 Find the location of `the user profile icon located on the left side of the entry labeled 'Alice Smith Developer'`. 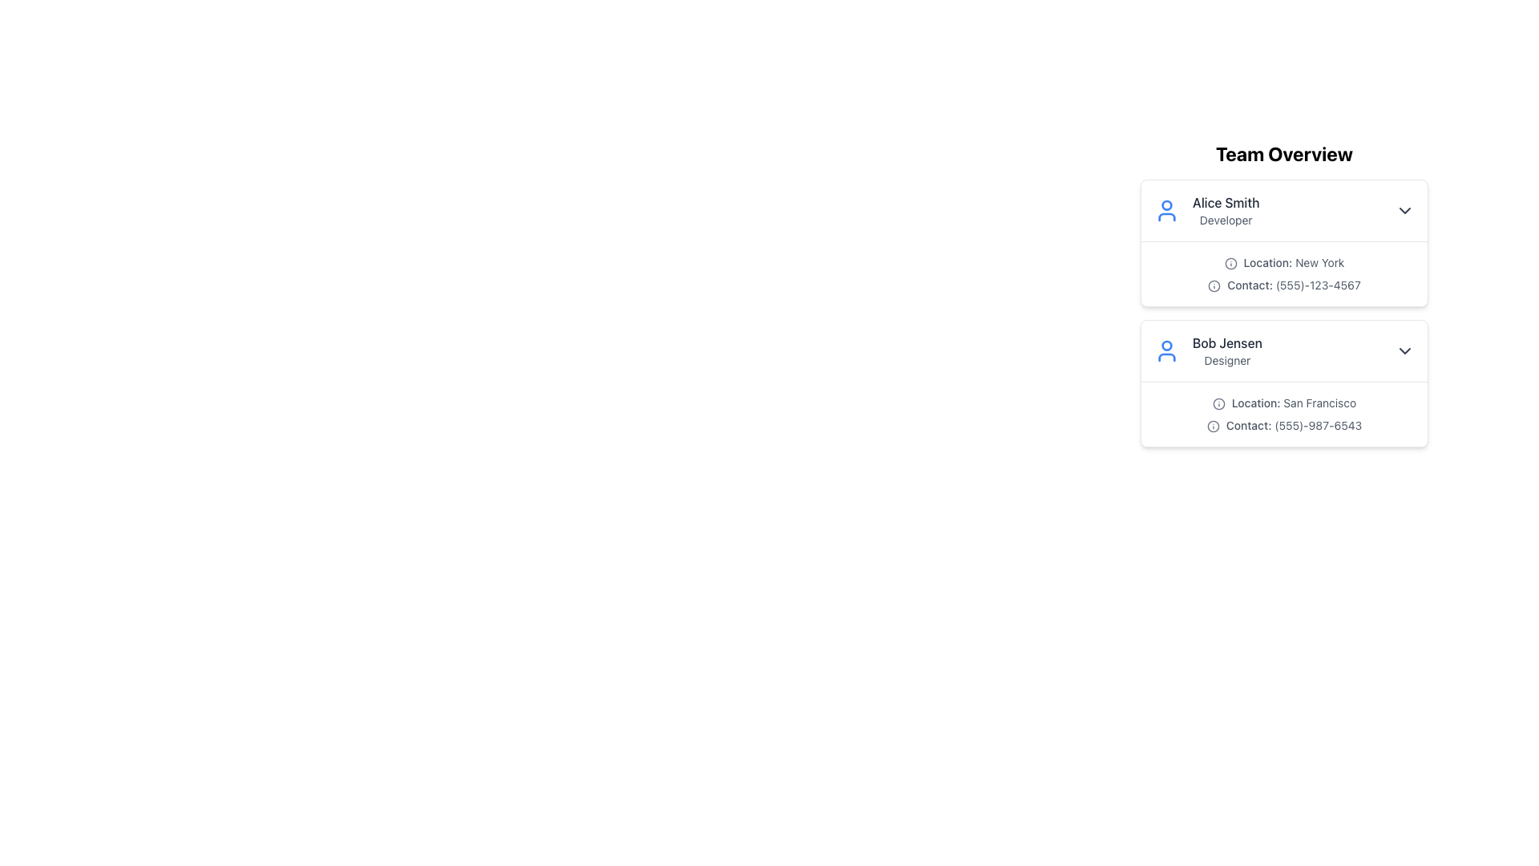

the user profile icon located on the left side of the entry labeled 'Alice Smith Developer' is located at coordinates (1166, 209).